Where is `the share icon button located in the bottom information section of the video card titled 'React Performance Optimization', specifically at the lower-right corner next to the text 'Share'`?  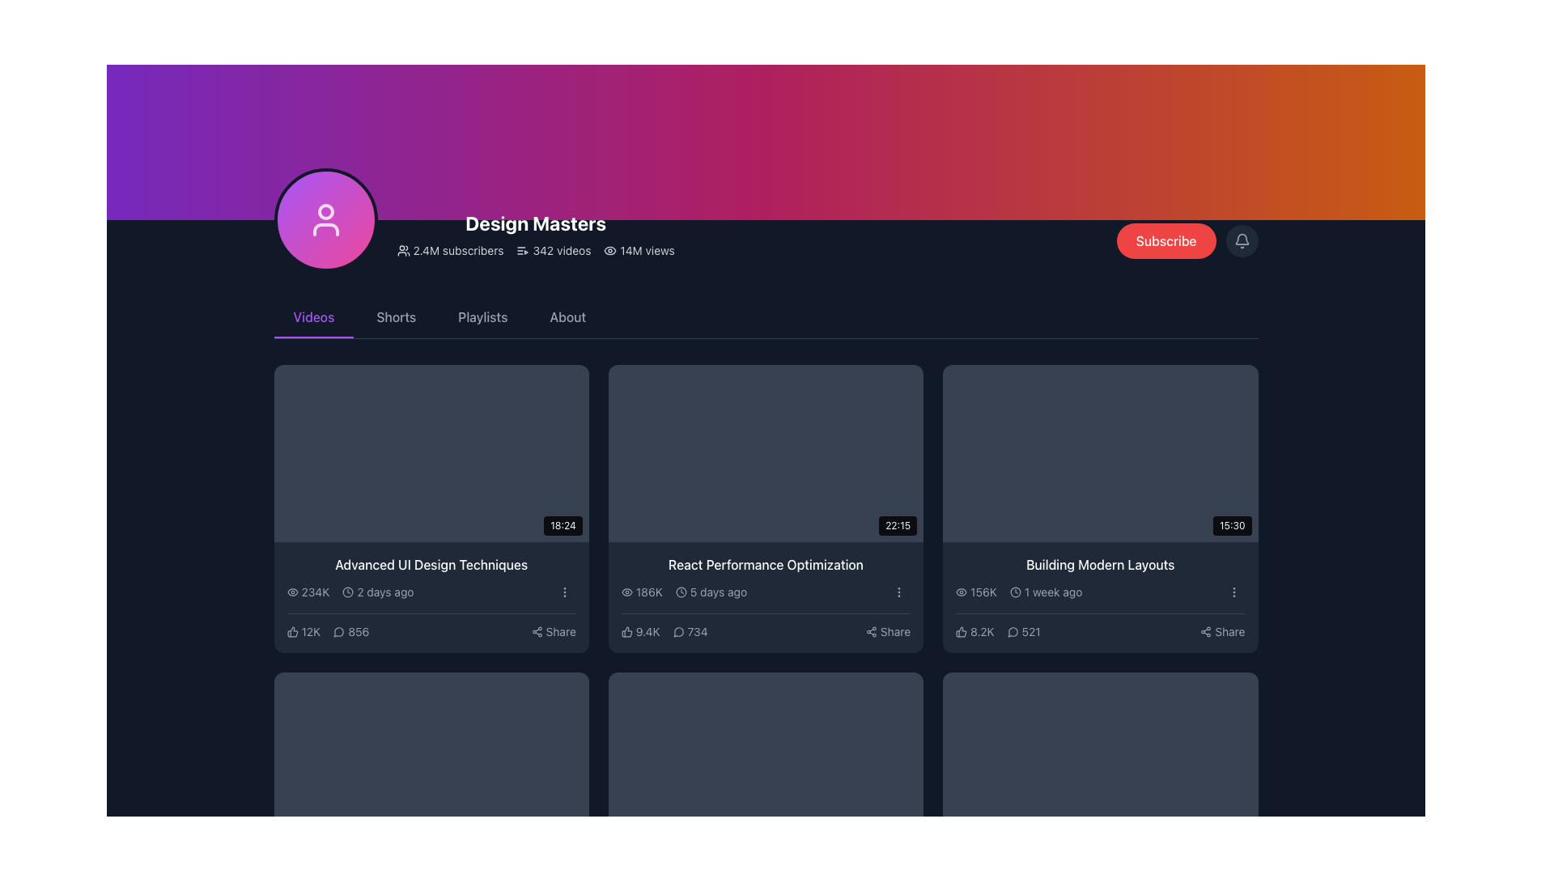 the share icon button located in the bottom information section of the video card titled 'React Performance Optimization', specifically at the lower-right corner next to the text 'Share' is located at coordinates (870, 630).